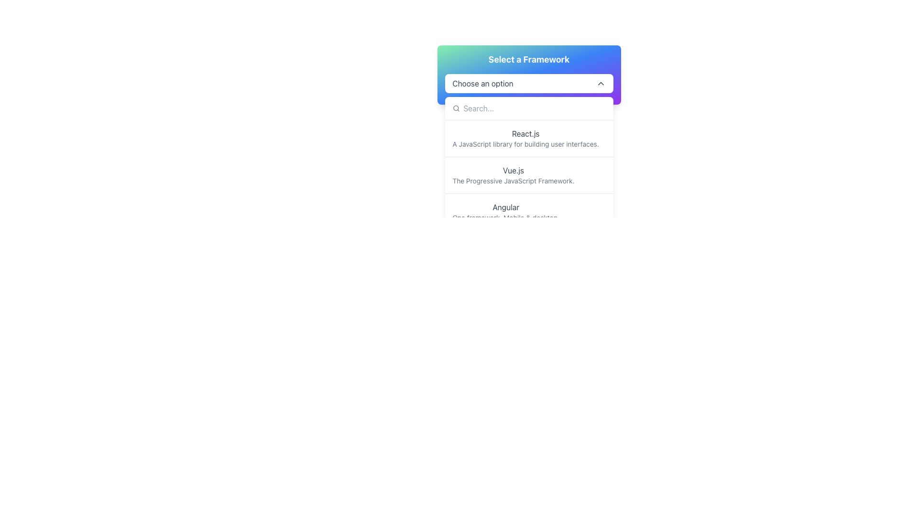  Describe the element at coordinates (528, 108) in the screenshot. I see `the input field of the Search bar, which is located below the 'Select a Framework' dropdown box, to focus and start typing` at that location.